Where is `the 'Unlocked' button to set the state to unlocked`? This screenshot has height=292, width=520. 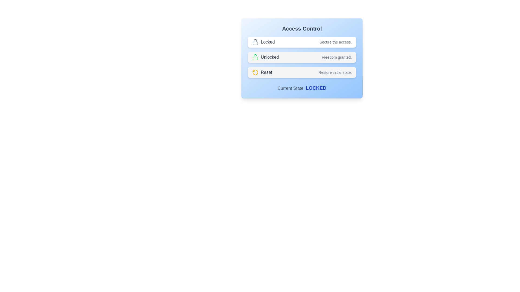
the 'Unlocked' button to set the state to unlocked is located at coordinates (301, 57).